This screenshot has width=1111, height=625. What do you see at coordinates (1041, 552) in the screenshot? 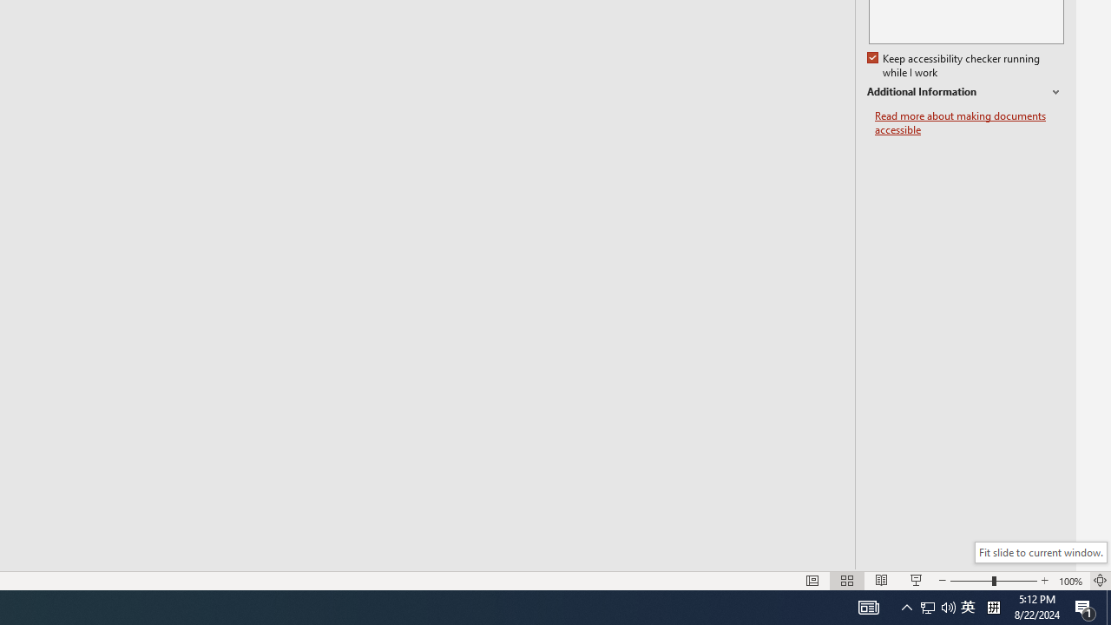
I see `'Fit slide to current window.'` at bounding box center [1041, 552].